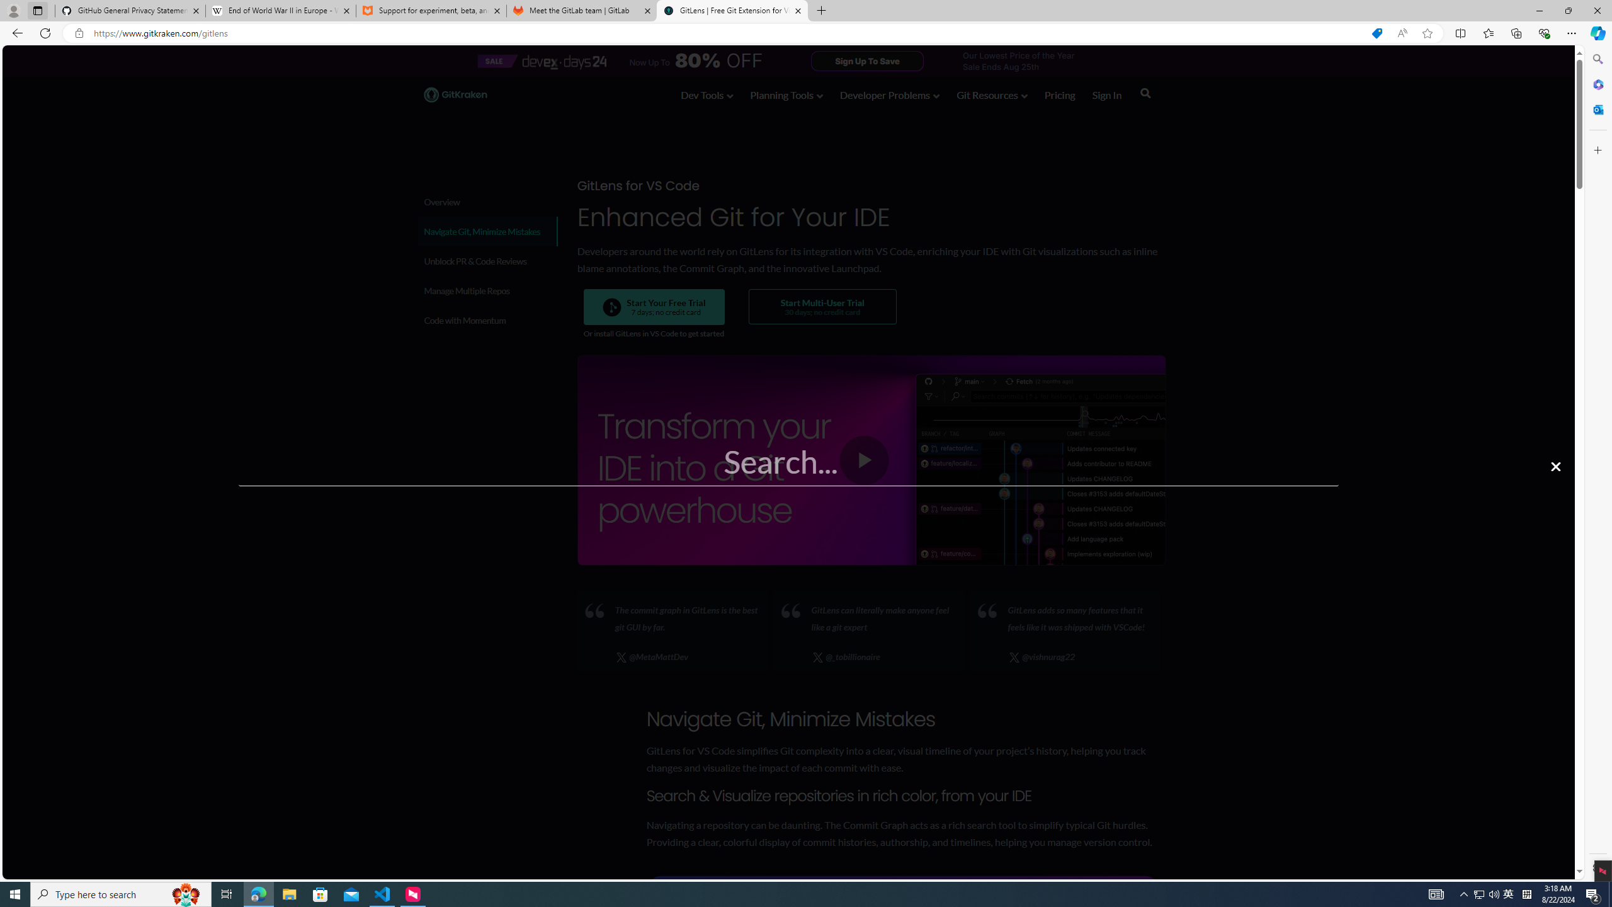 This screenshot has height=907, width=1612. What do you see at coordinates (1060, 94) in the screenshot?
I see `'Pricing'` at bounding box center [1060, 94].